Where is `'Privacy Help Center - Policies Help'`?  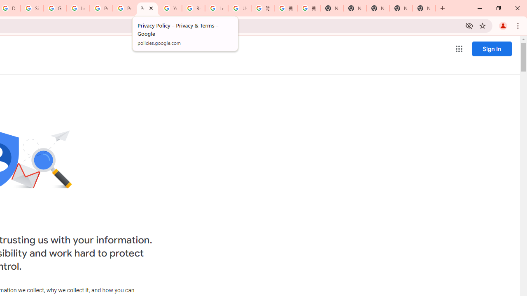
'Privacy Help Center - Policies Help' is located at coordinates (124, 8).